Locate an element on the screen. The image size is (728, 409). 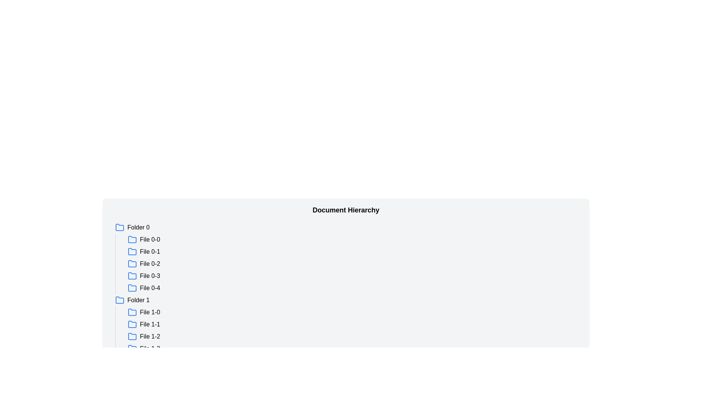
the blue folder-shaped icon located to the left of the text 'File 1-2', which is the third item under 'Folder 1' is located at coordinates (132, 336).